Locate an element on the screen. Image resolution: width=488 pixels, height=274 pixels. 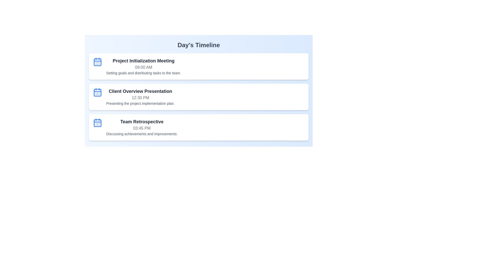
displayed information from the text content element that shows 'Client Overview Presentation', '12:30 PM', and 'Presenting the project implementation plan.' is located at coordinates (140, 97).